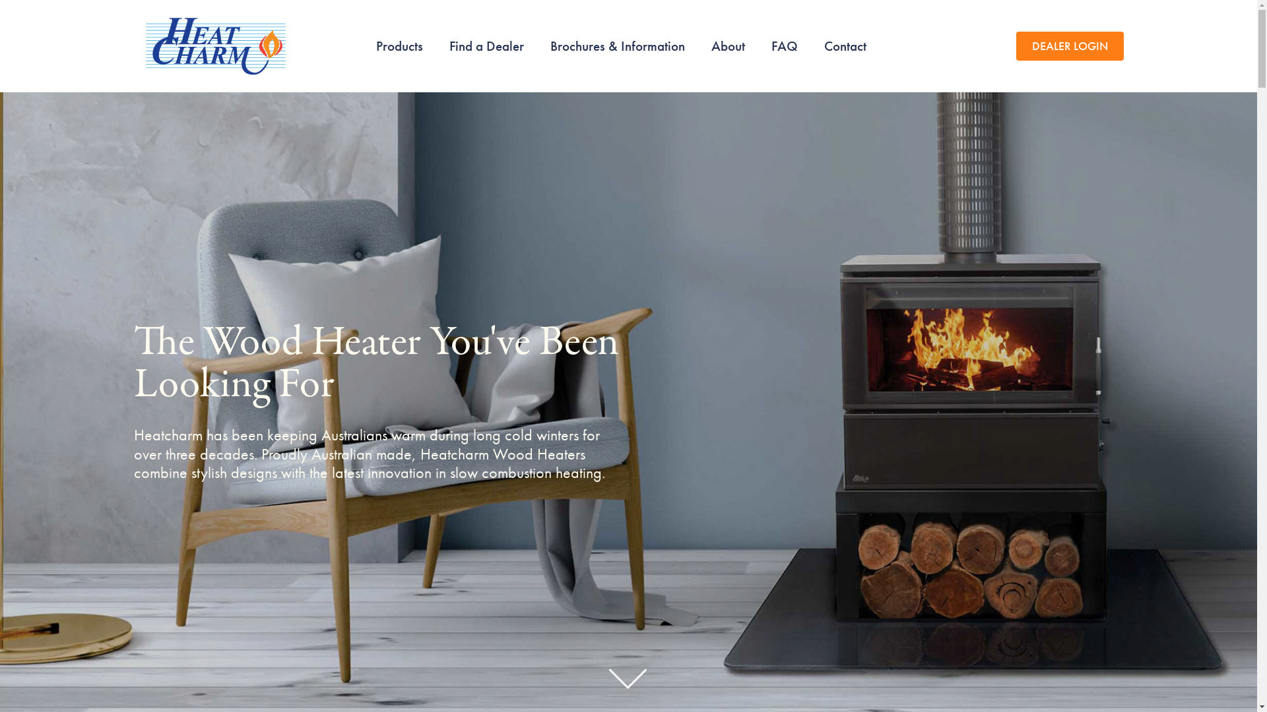  Describe the element at coordinates (485, 45) in the screenshot. I see `'Find a Dealer'` at that location.